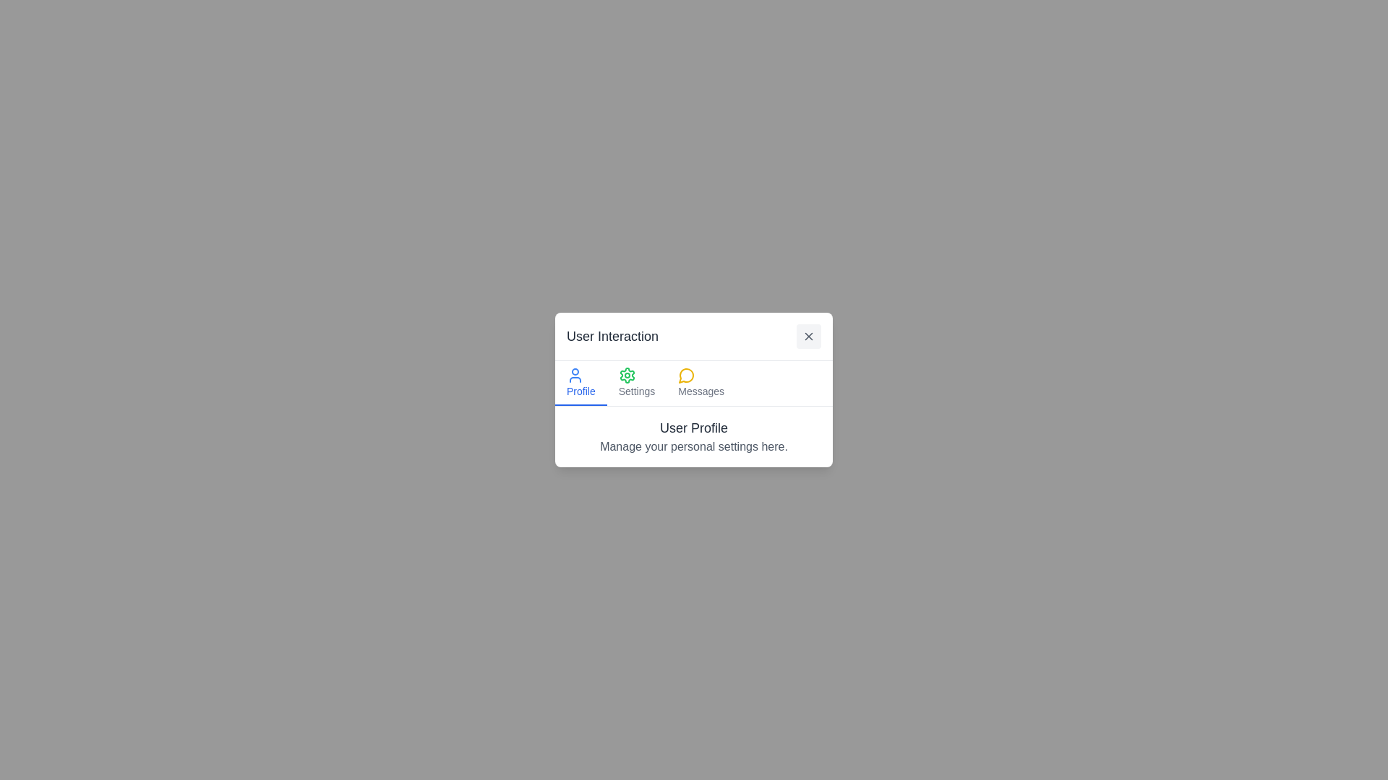 The height and width of the screenshot is (780, 1388). Describe the element at coordinates (807, 337) in the screenshot. I see `the Close button (icon-based) located in the top right corner of the 'User Interaction' box` at that location.